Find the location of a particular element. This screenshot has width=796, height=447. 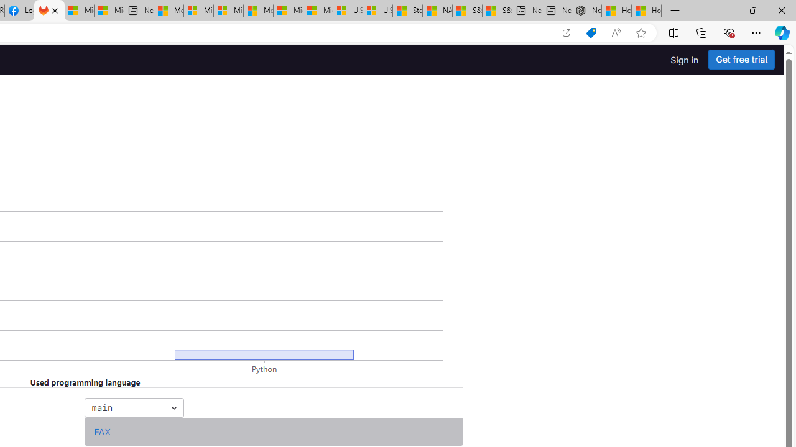

'main' is located at coordinates (134, 407).